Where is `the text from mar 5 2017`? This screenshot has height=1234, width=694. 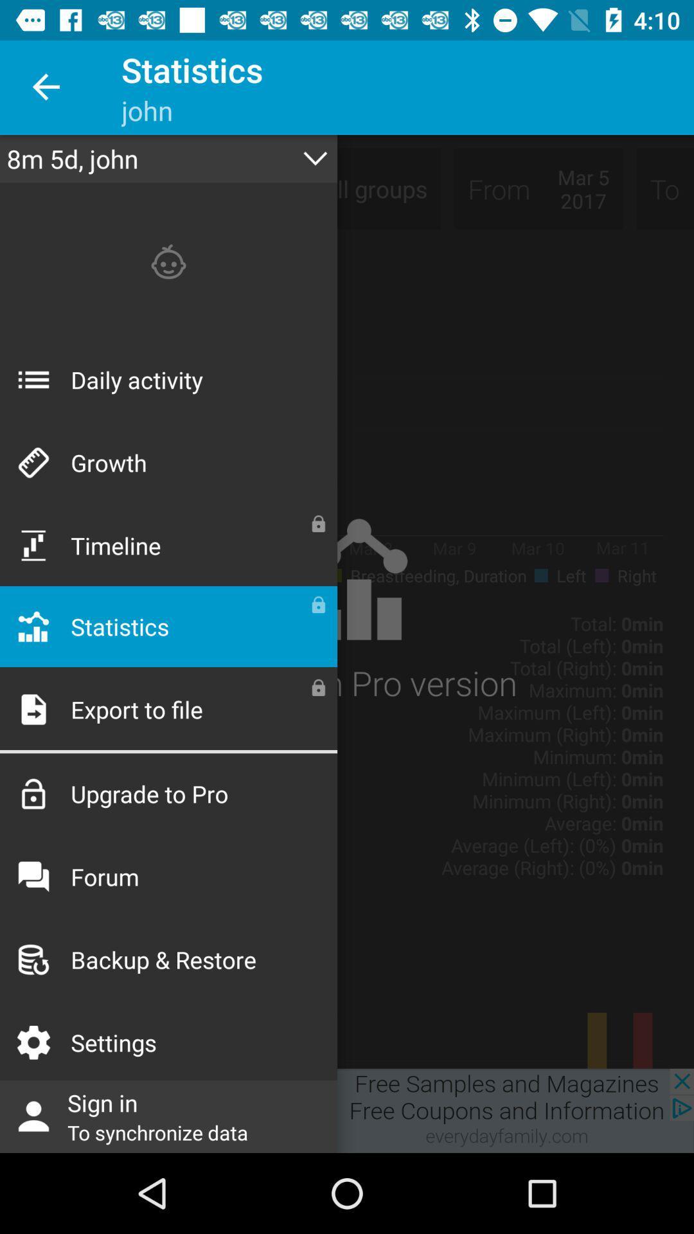
the text from mar 5 2017 is located at coordinates (538, 188).